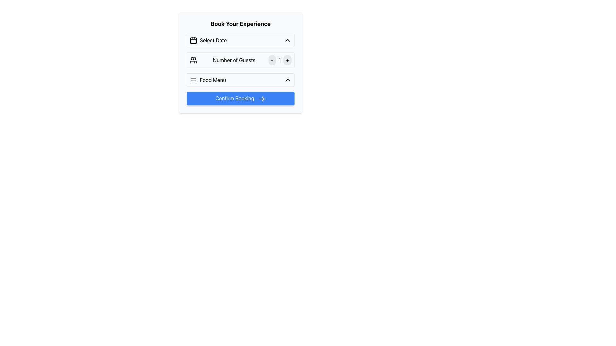 The height and width of the screenshot is (346, 616). I want to click on the menu icon, which is represented by three horizontal lines, so click(193, 80).